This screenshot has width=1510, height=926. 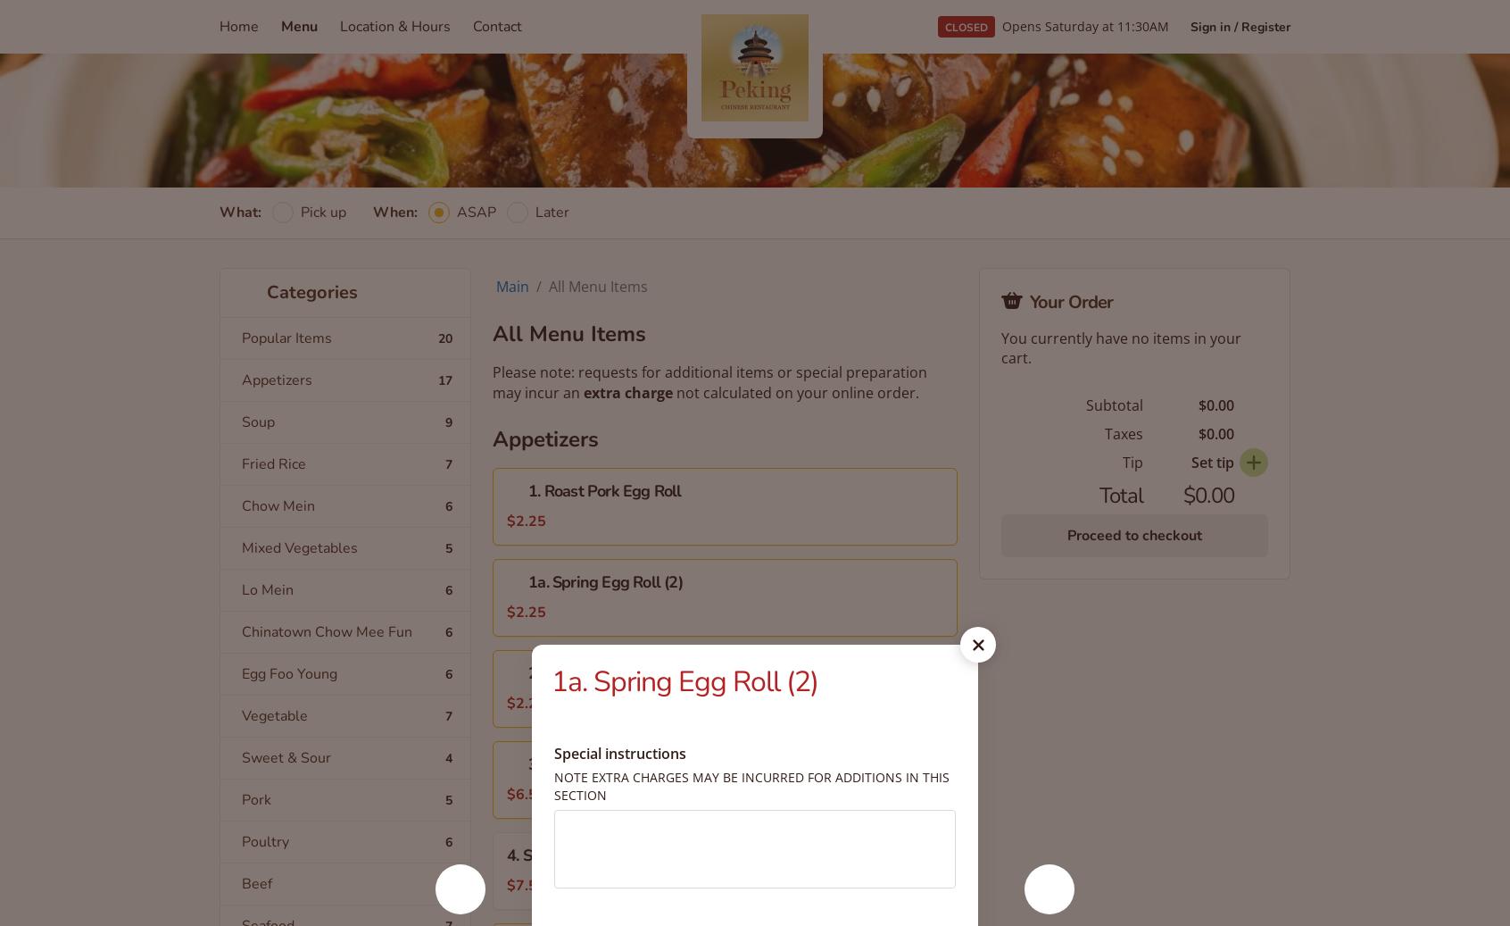 I want to click on '20', so click(x=444, y=337).